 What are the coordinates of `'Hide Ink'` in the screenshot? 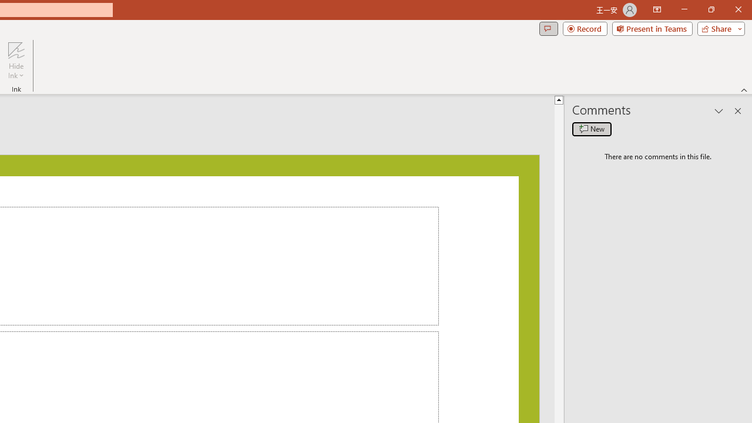 It's located at (16, 61).